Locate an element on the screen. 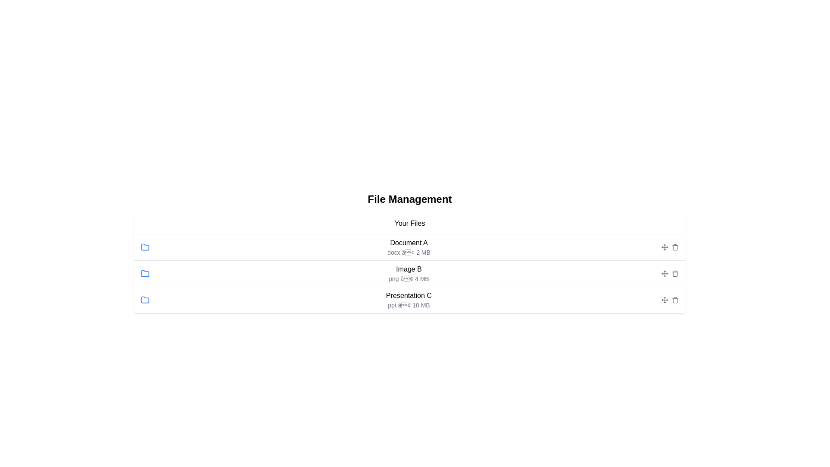 The image size is (830, 467). the text label displaying the file type and size located below the title 'Document A' in the first row of the file list is located at coordinates (408, 252).